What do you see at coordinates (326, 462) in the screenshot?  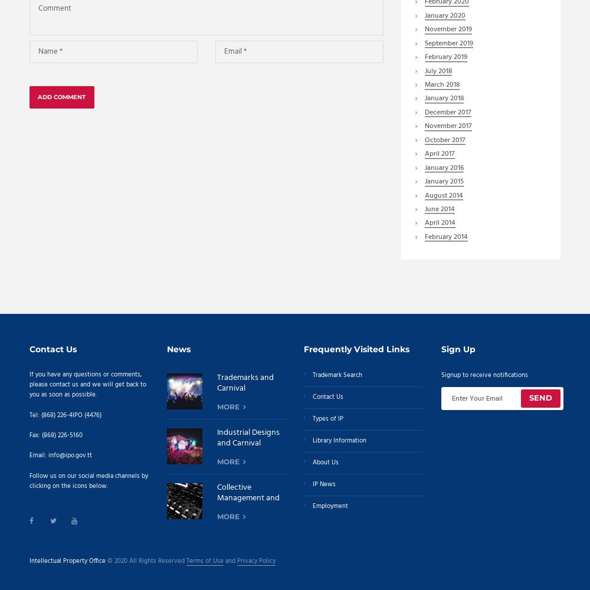 I see `'About Us'` at bounding box center [326, 462].